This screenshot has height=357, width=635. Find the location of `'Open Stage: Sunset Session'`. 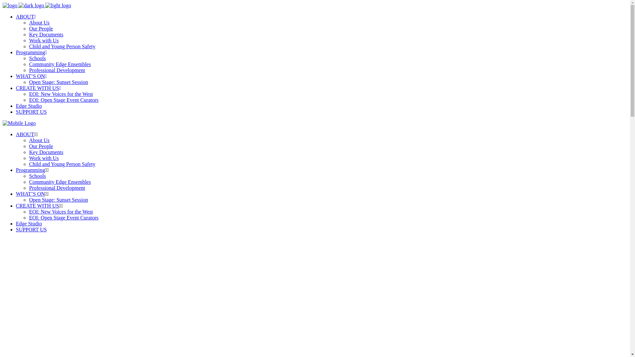

'Open Stage: Sunset Session' is located at coordinates (59, 199).